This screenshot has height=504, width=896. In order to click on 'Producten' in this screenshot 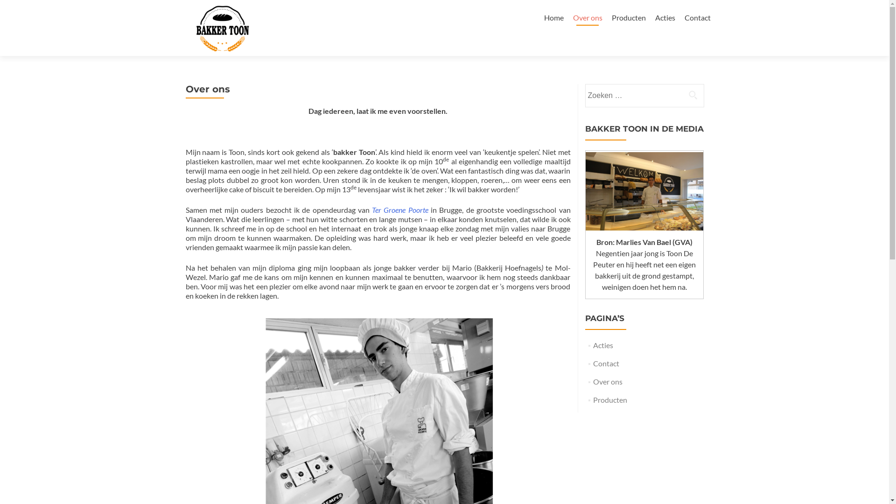, I will do `click(628, 17)`.